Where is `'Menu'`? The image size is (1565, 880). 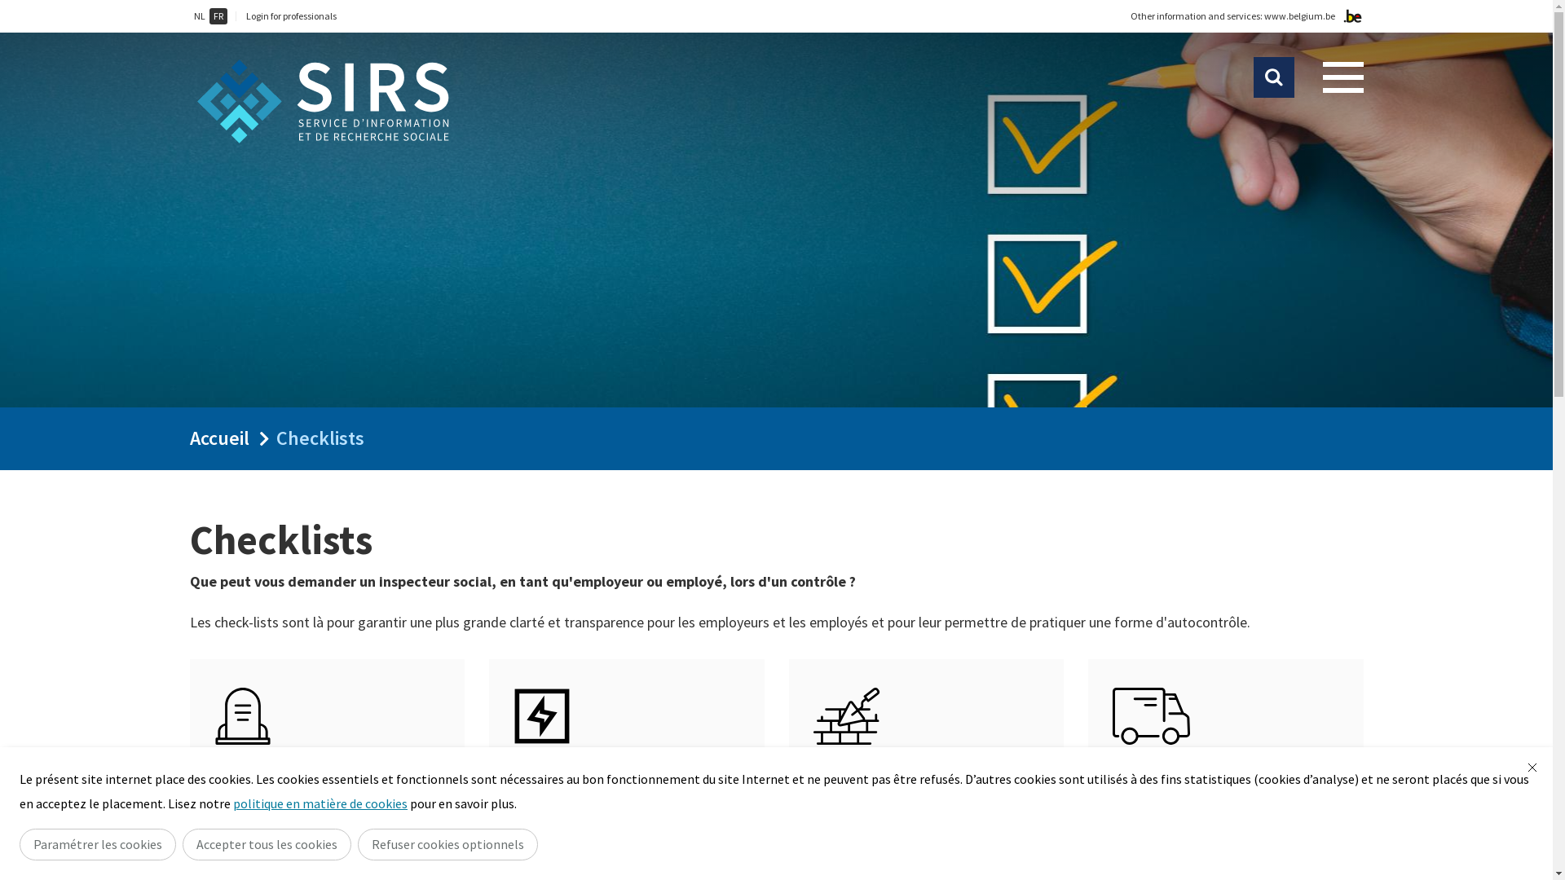 'Menu' is located at coordinates (1342, 77).